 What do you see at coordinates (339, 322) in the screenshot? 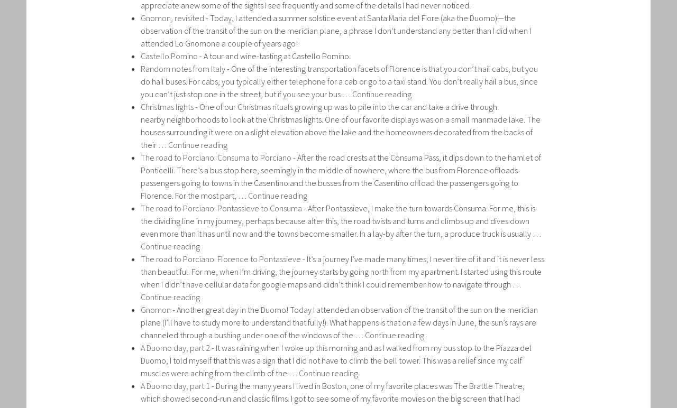
I see `'Another great day in the Duomo! Today I attended an observation of the transit of the sun on the meridian plane (I’ll have to study more to understand that fully!). What happens is that on a few days in June, the sun’s rays are channeled through a bushing under one of the windows of the …'` at bounding box center [339, 322].